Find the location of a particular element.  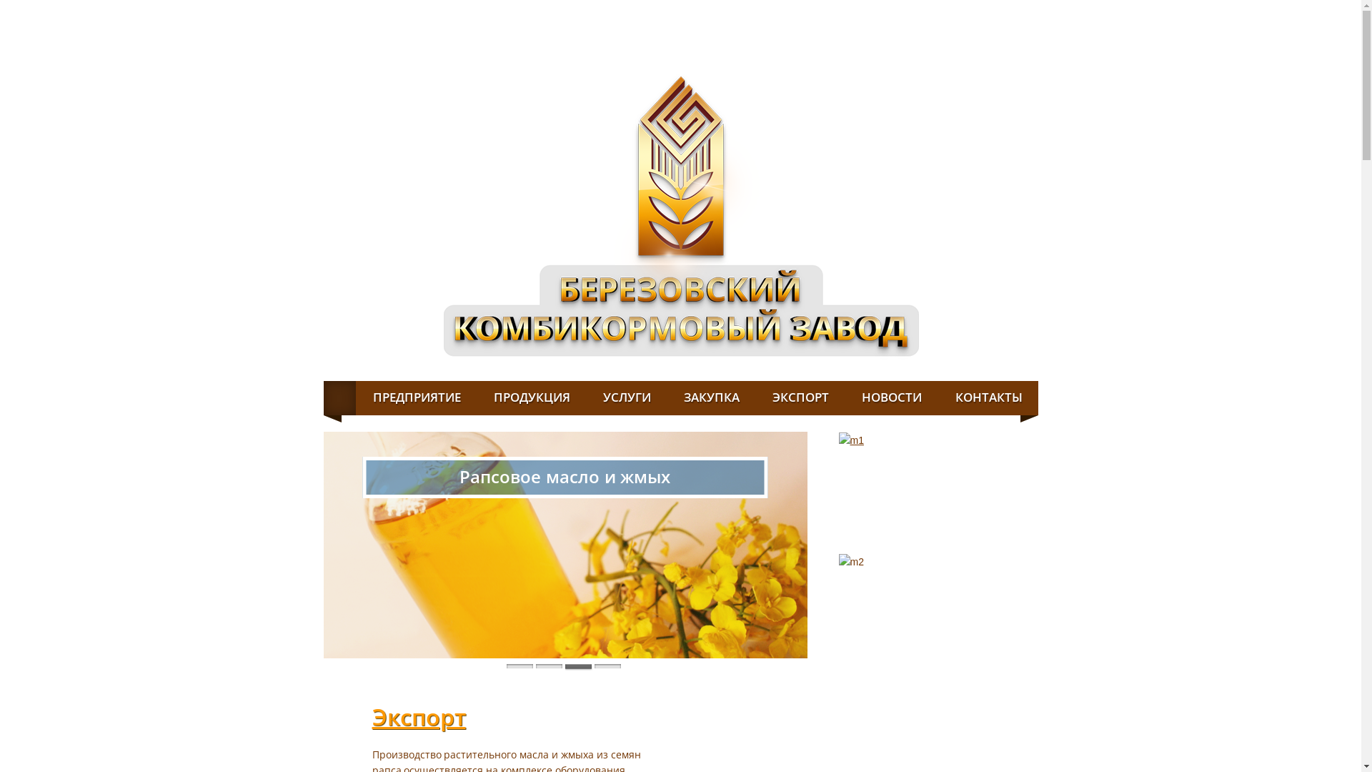

'ENG' is located at coordinates (1008, 11).